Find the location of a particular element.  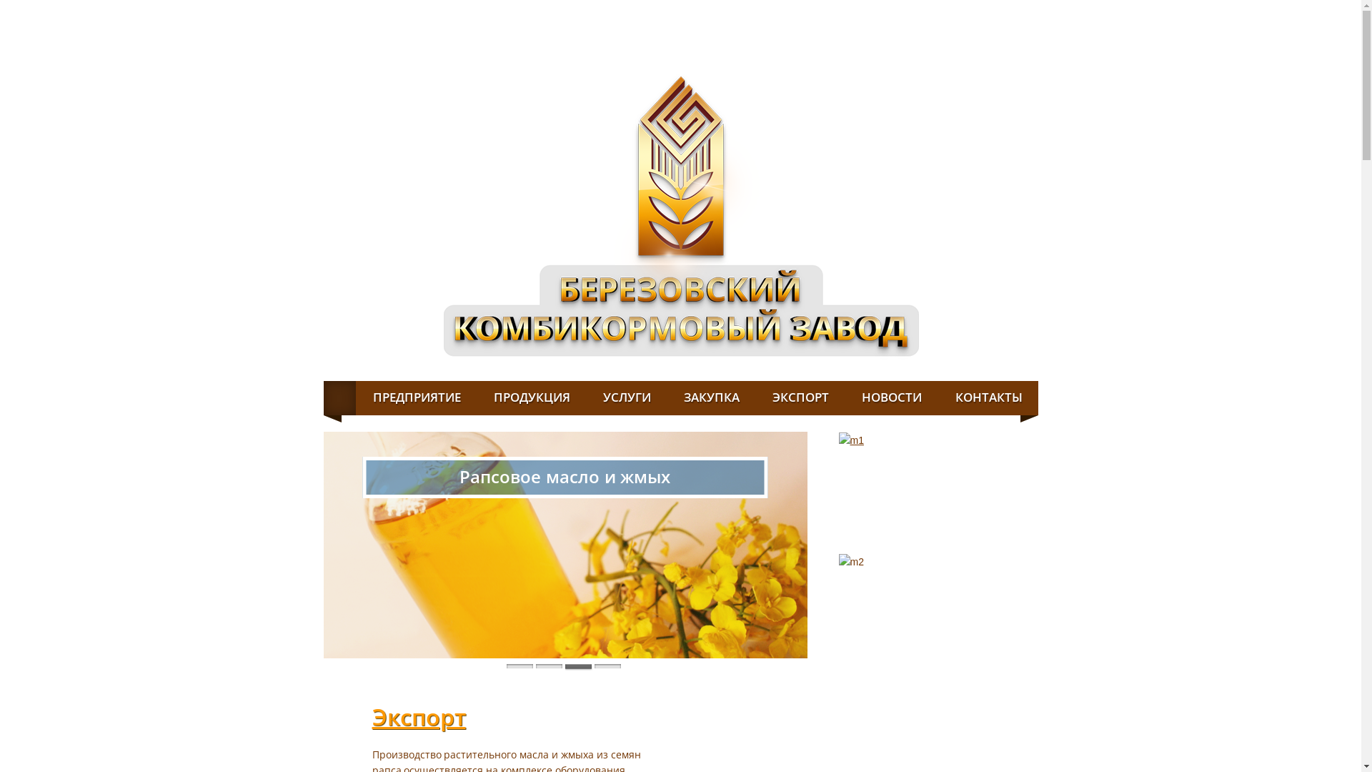

'ENG' is located at coordinates (1008, 11).